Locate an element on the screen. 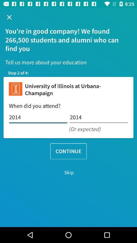 The width and height of the screenshot is (137, 243). the item below the (or expected) item is located at coordinates (68, 151).